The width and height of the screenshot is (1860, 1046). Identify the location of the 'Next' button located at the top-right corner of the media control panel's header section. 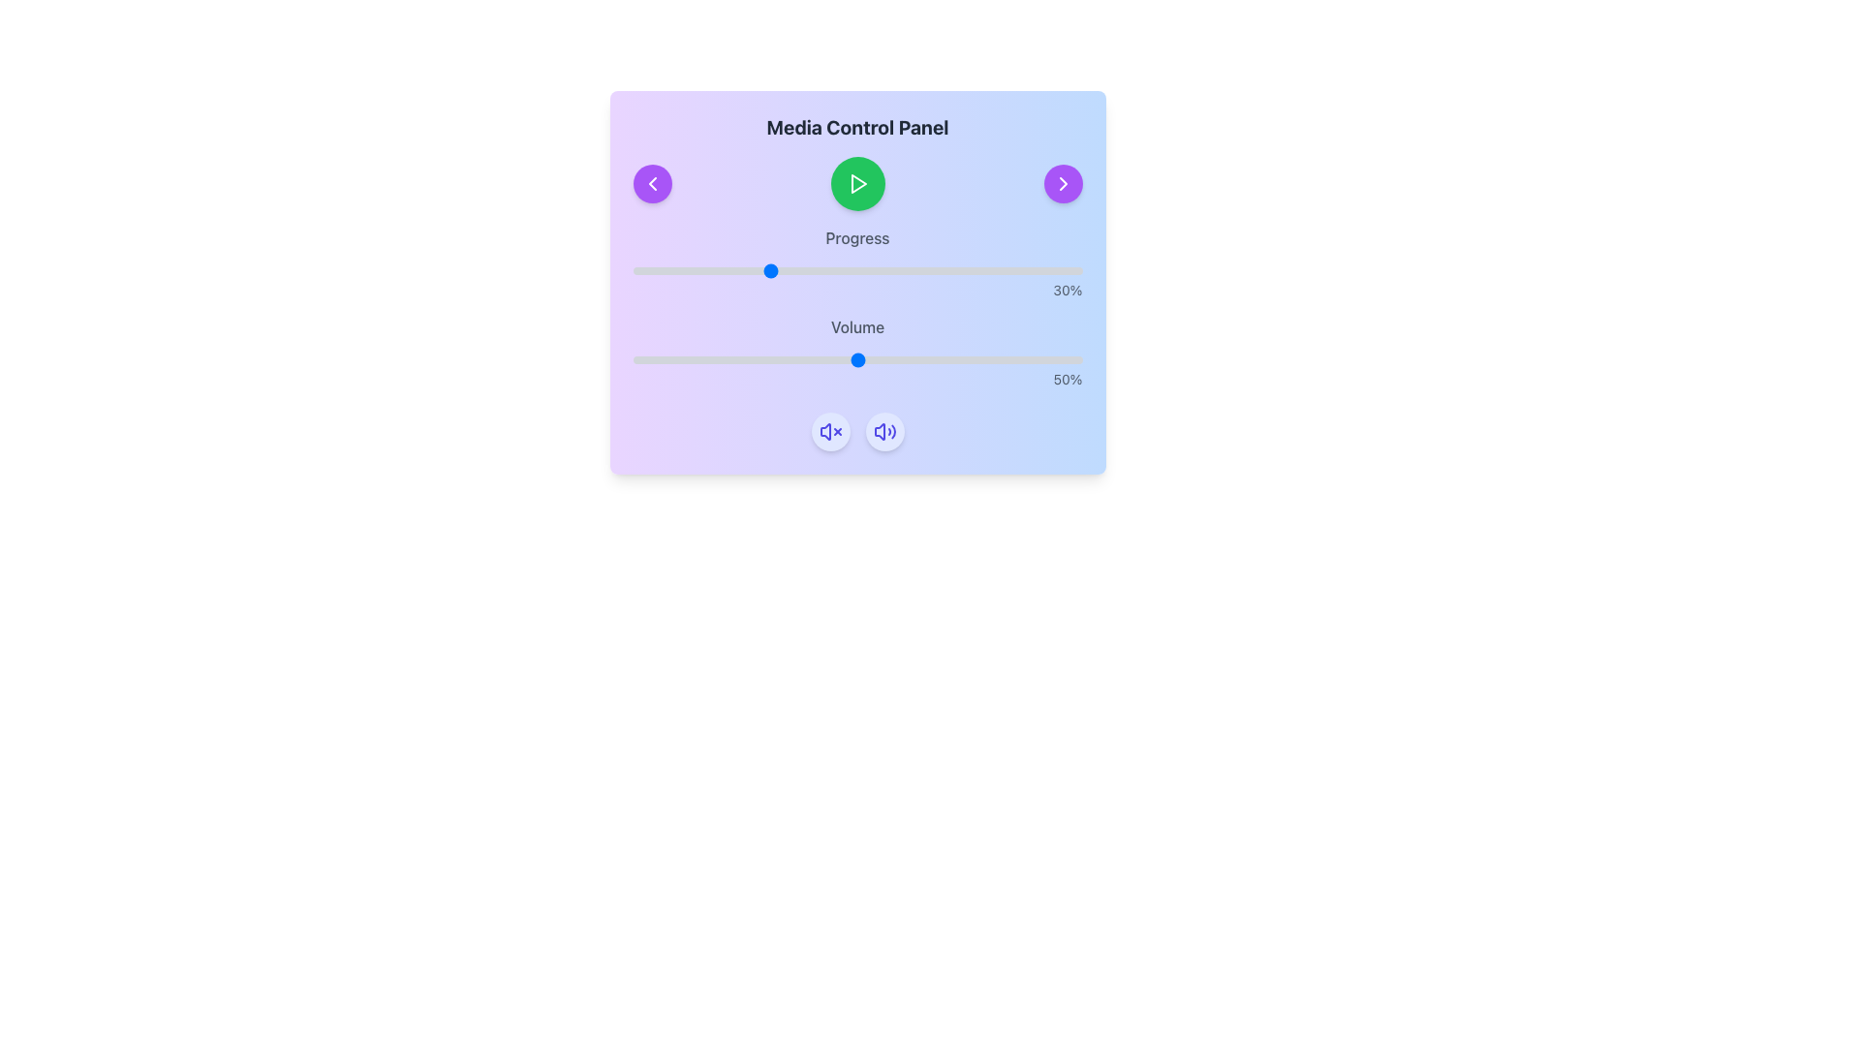
(1062, 183).